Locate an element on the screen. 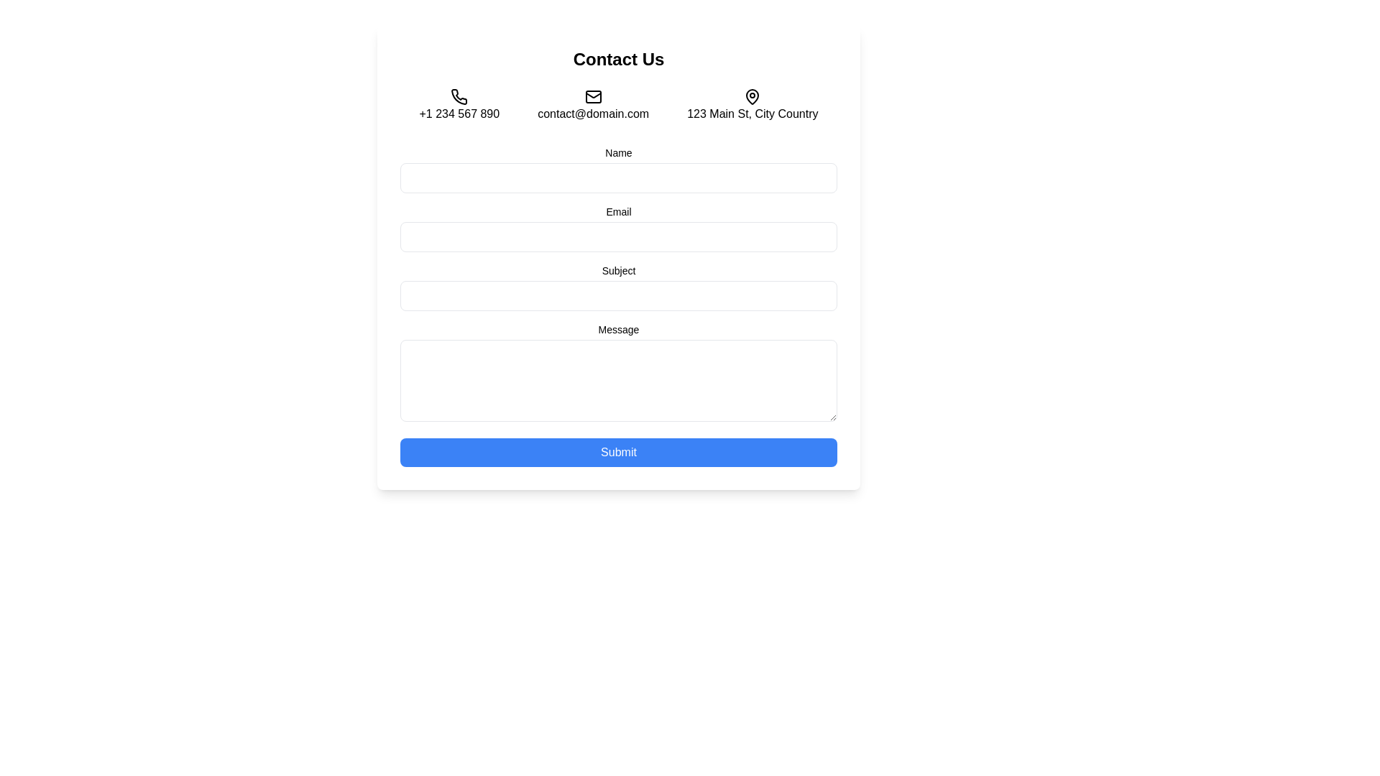 The image size is (1380, 776). the label that identifies the purpose of the input field for entering the user's name, located at the top of the contact form is located at coordinates (618, 152).